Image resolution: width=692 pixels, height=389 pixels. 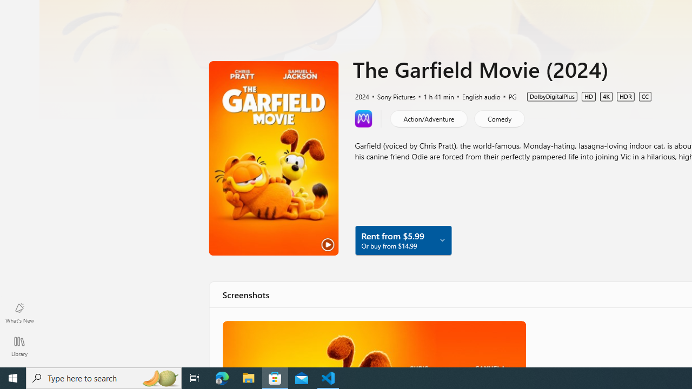 I want to click on 'Learn more about Movies Anywhere', so click(x=363, y=118).